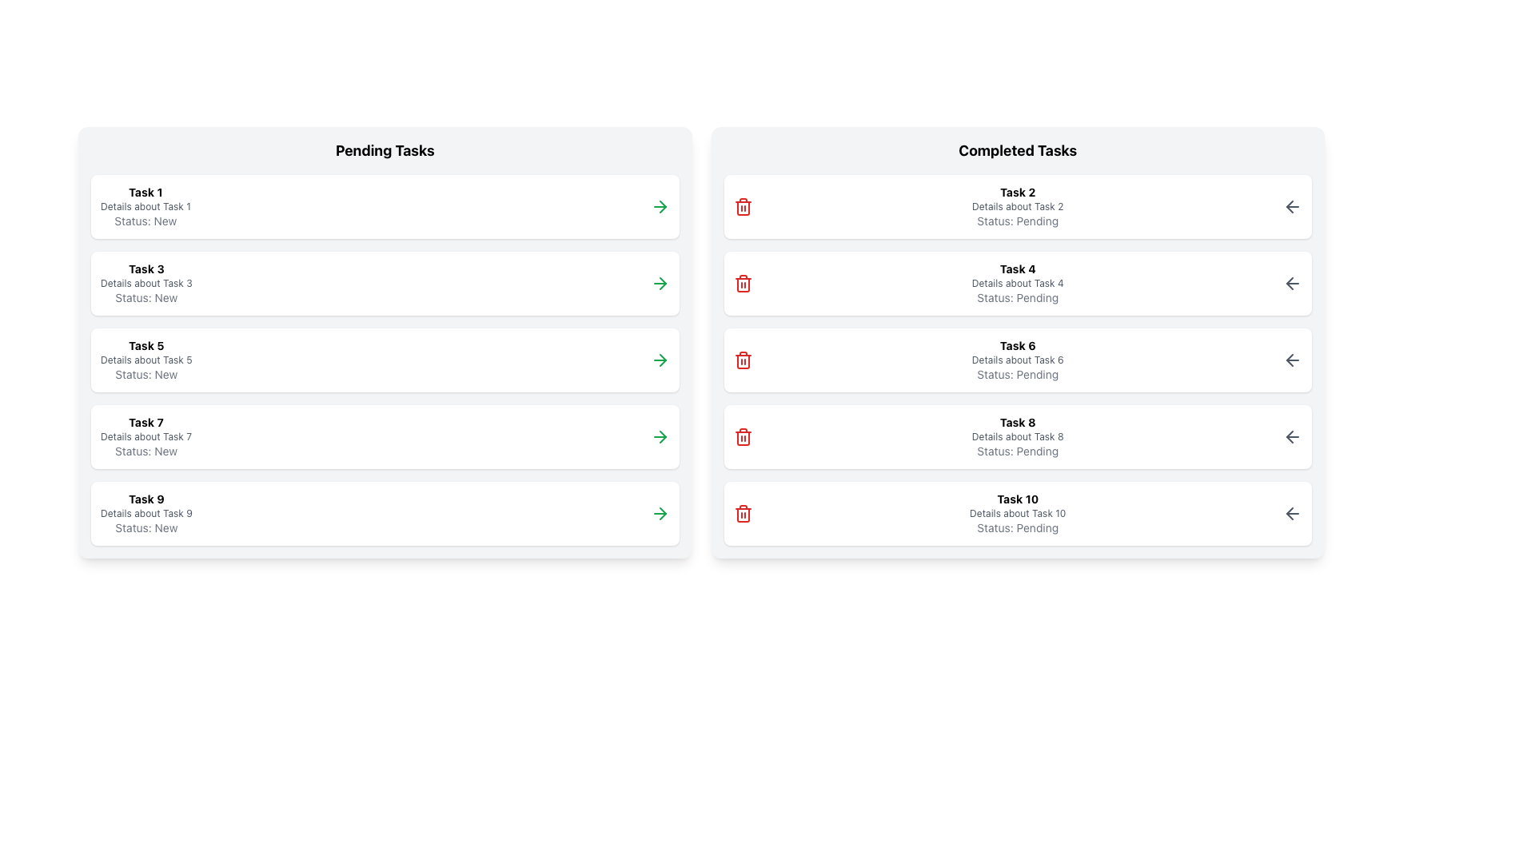 The image size is (1535, 863). Describe the element at coordinates (146, 360) in the screenshot. I see `text content from the third card in the 'Pending Tasks' section, which displays the task's title, description, and current status` at that location.